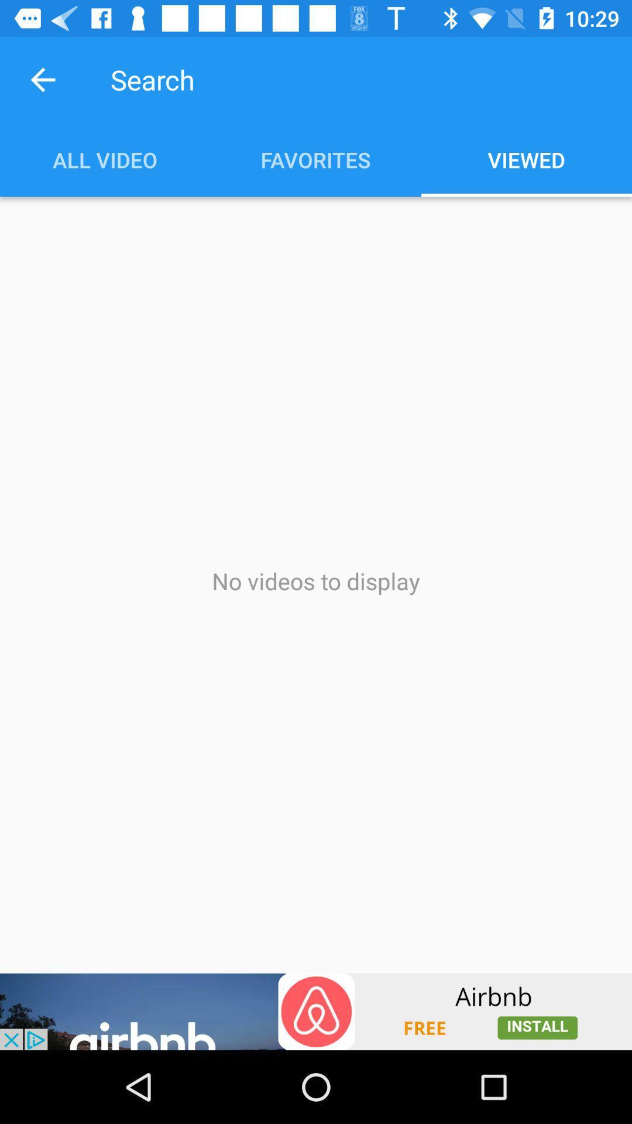 This screenshot has height=1124, width=632. What do you see at coordinates (332, 79) in the screenshot?
I see `search` at bounding box center [332, 79].